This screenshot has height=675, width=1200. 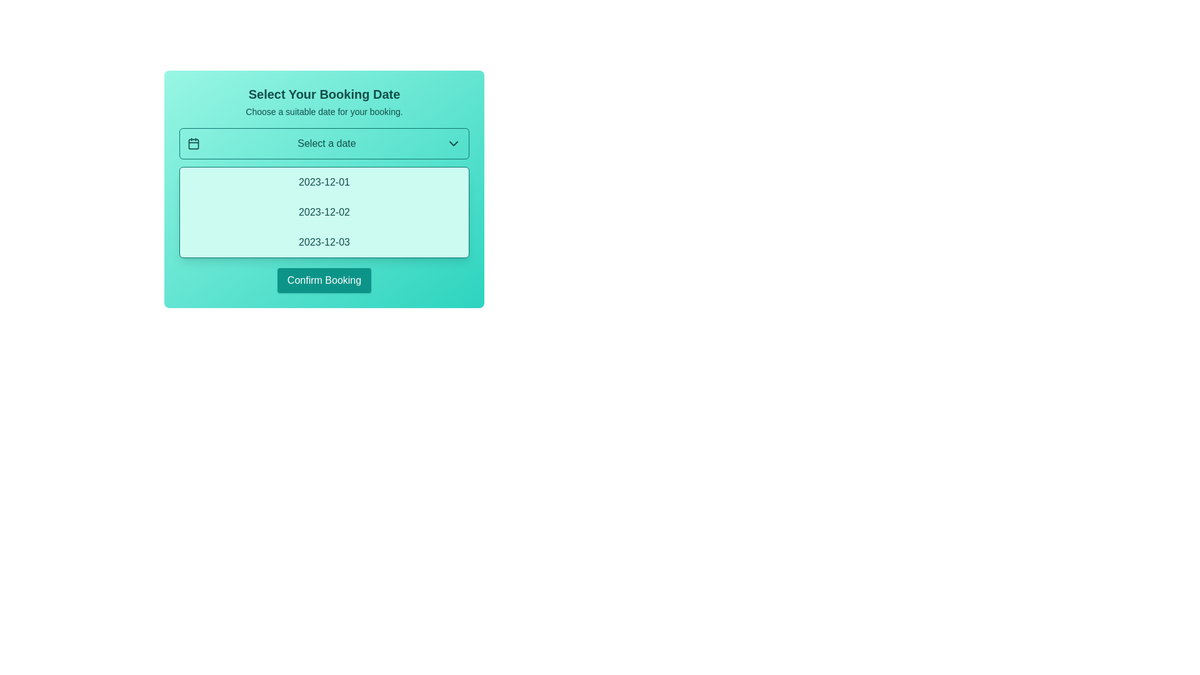 What do you see at coordinates (324, 143) in the screenshot?
I see `the dropdown button for selecting a date located under the subtitle 'Choose a suitable date for your booking.'` at bounding box center [324, 143].